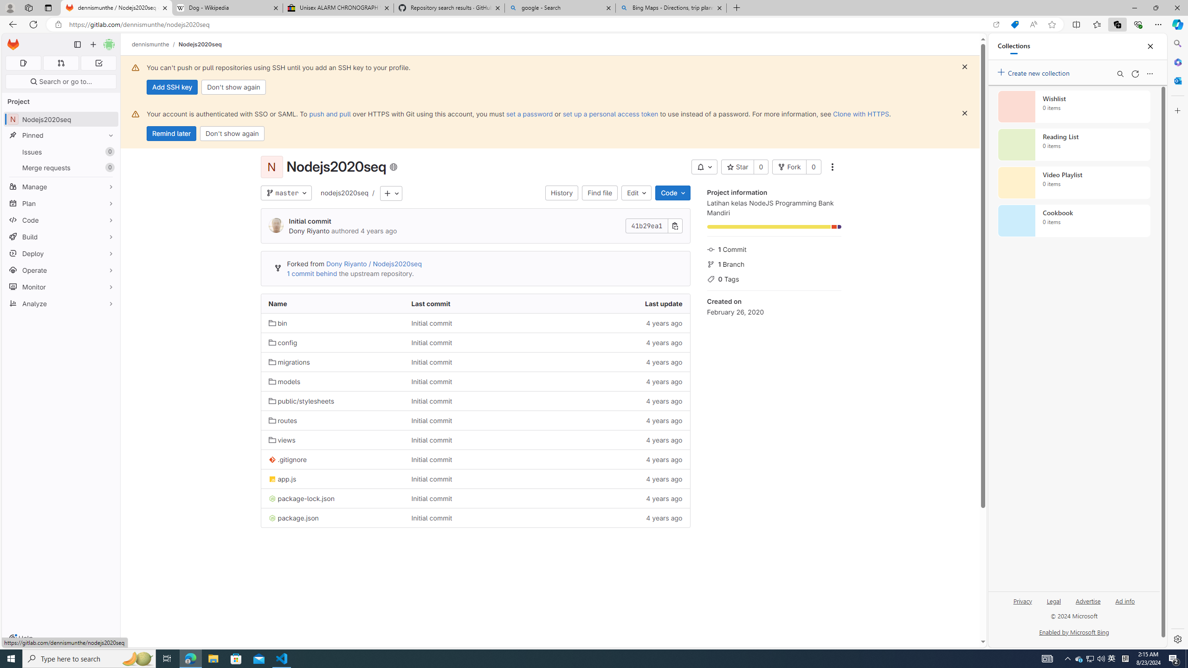  I want to click on 'Dony Riyanto', so click(276, 225).